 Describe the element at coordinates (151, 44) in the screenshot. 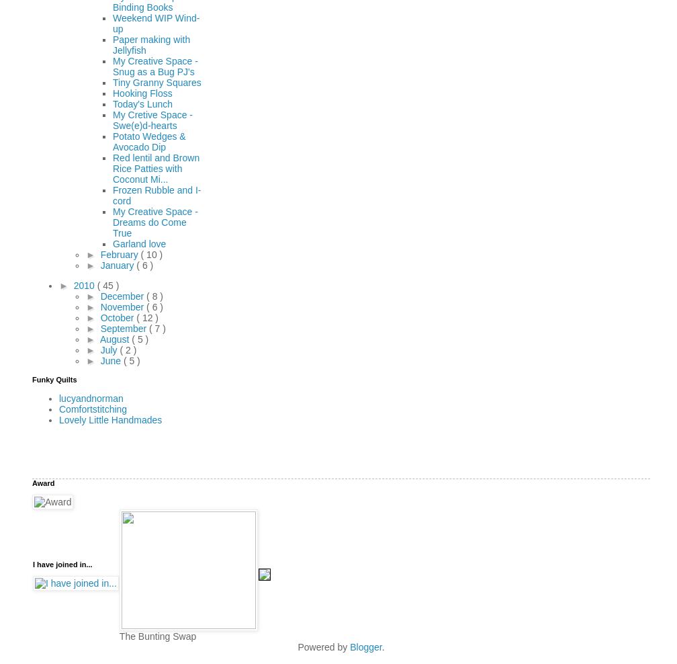

I see `'Paper making with Jellyfish'` at that location.